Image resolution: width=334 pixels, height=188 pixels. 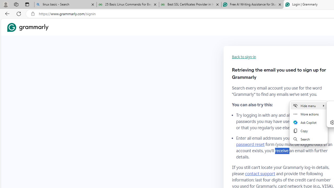 What do you see at coordinates (27, 27) in the screenshot?
I see `'Grammarly Home'` at bounding box center [27, 27].